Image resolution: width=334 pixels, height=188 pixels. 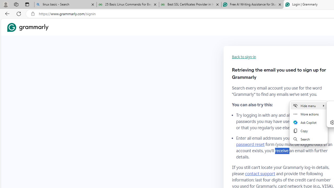 What do you see at coordinates (27, 27) in the screenshot?
I see `'Grammarly Home'` at bounding box center [27, 27].